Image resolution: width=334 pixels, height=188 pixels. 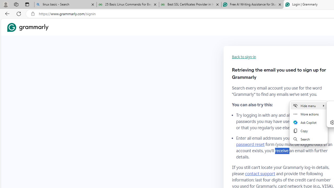 What do you see at coordinates (27, 27) in the screenshot?
I see `'Grammarly Home'` at bounding box center [27, 27].